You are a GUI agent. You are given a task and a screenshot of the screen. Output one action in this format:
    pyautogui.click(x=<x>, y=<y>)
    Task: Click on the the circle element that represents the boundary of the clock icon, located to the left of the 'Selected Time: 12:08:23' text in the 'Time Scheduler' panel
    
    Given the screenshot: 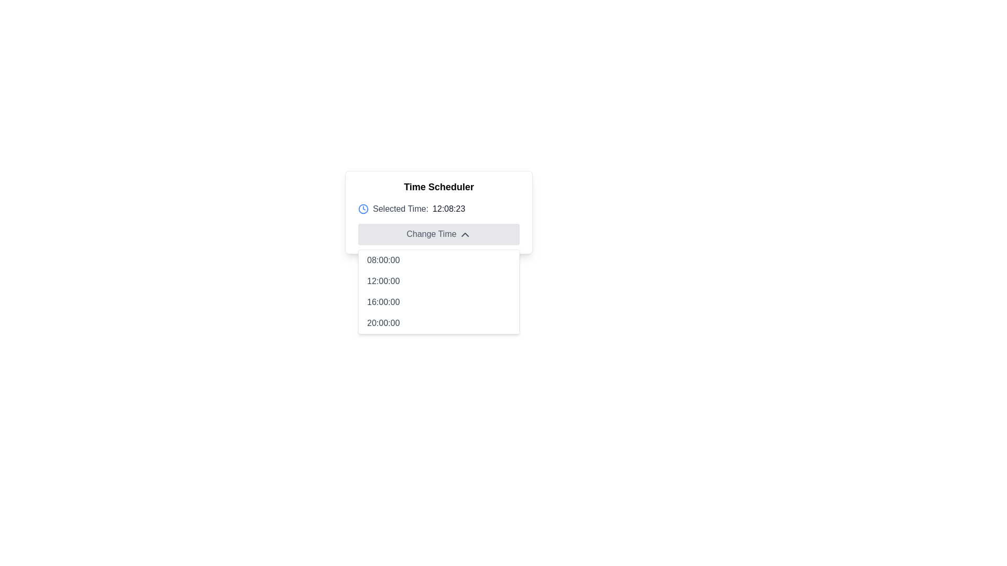 What is the action you would take?
    pyautogui.click(x=363, y=209)
    